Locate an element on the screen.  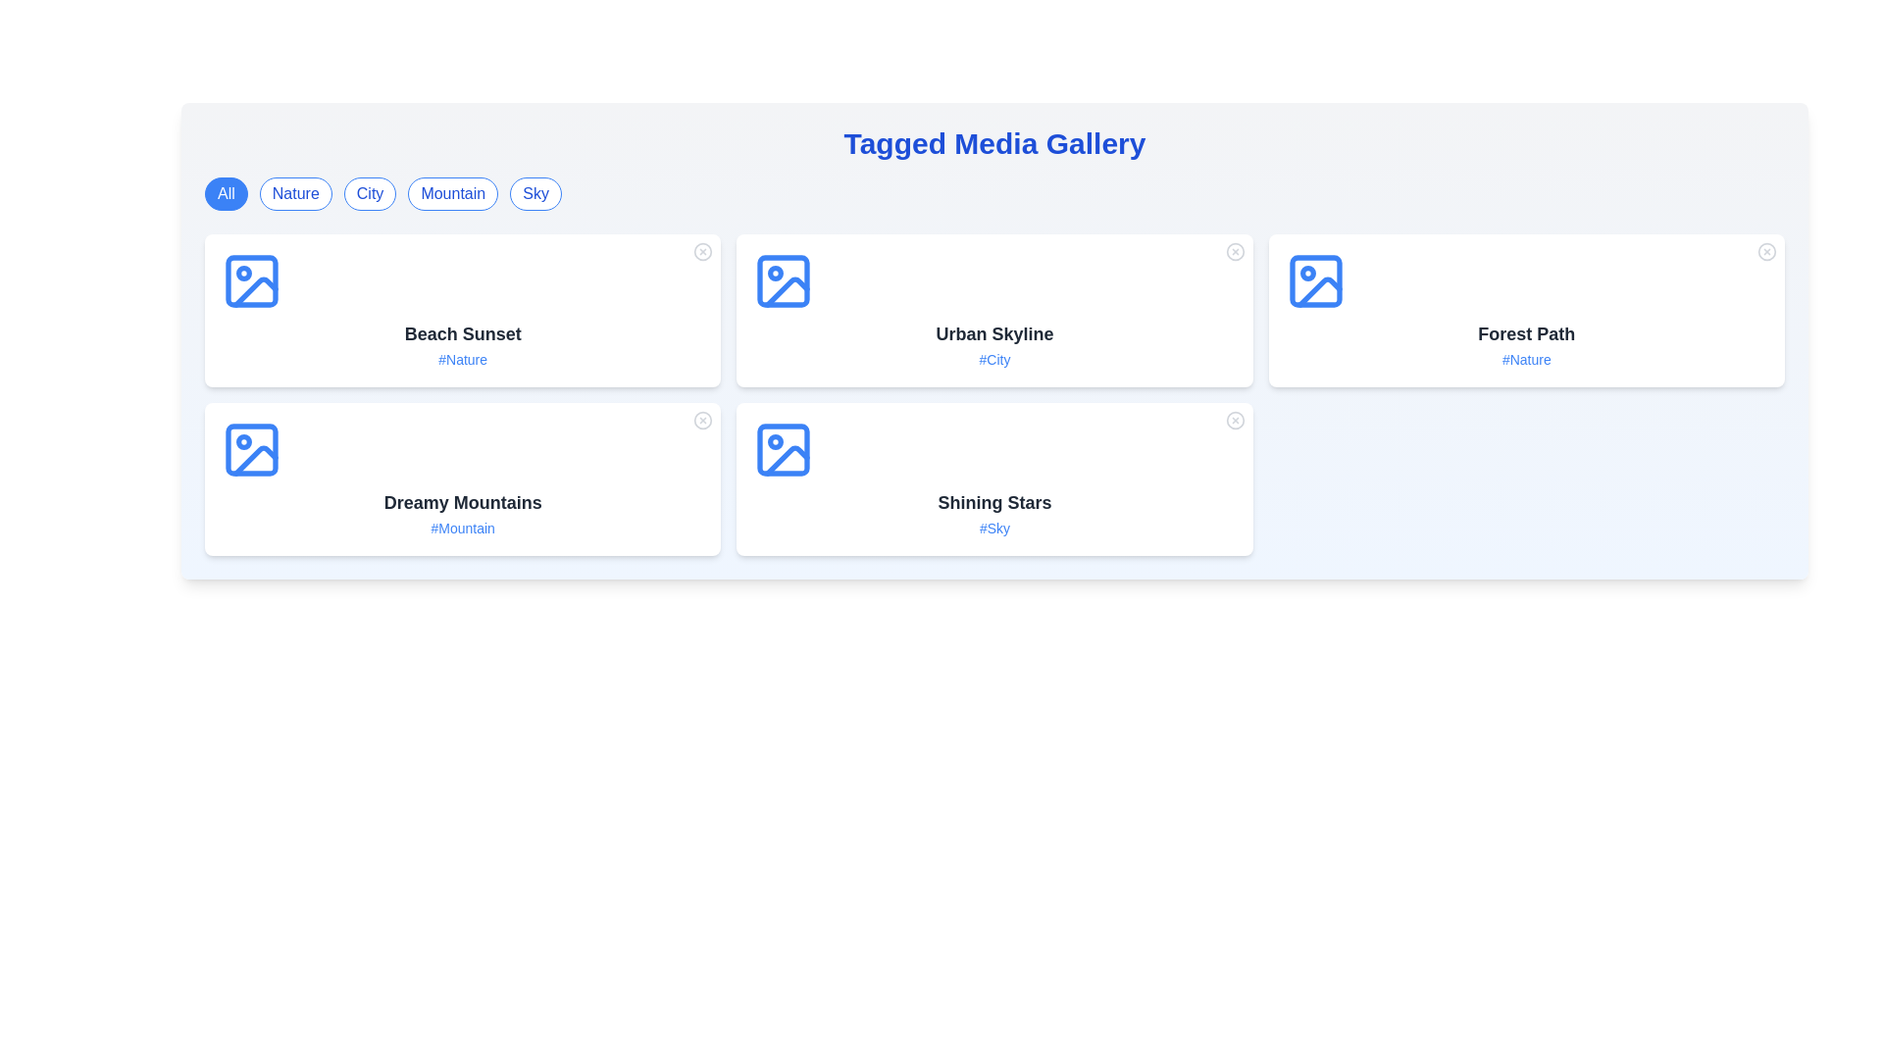
the tag button labeled Nature to filter the gallery items is located at coordinates (294, 193).